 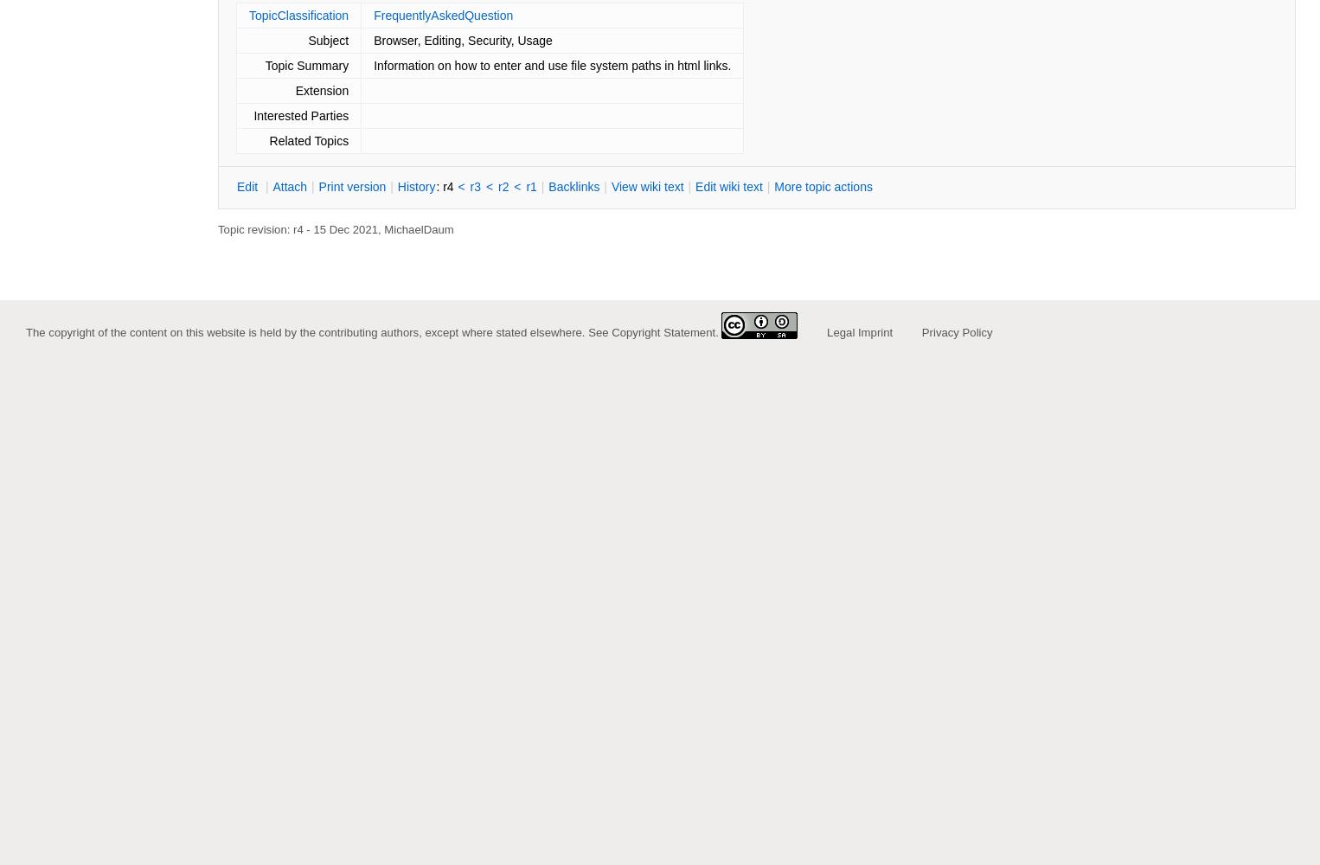 I want to click on 'ttach', so click(x=279, y=186).